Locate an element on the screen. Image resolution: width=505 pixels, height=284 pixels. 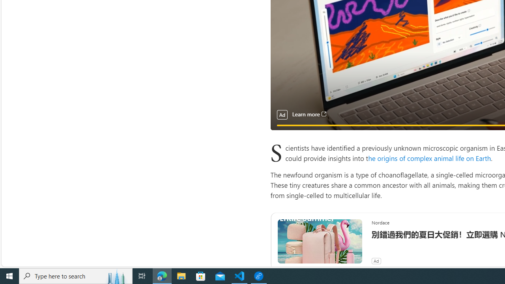
'Learn more' is located at coordinates (309, 114).